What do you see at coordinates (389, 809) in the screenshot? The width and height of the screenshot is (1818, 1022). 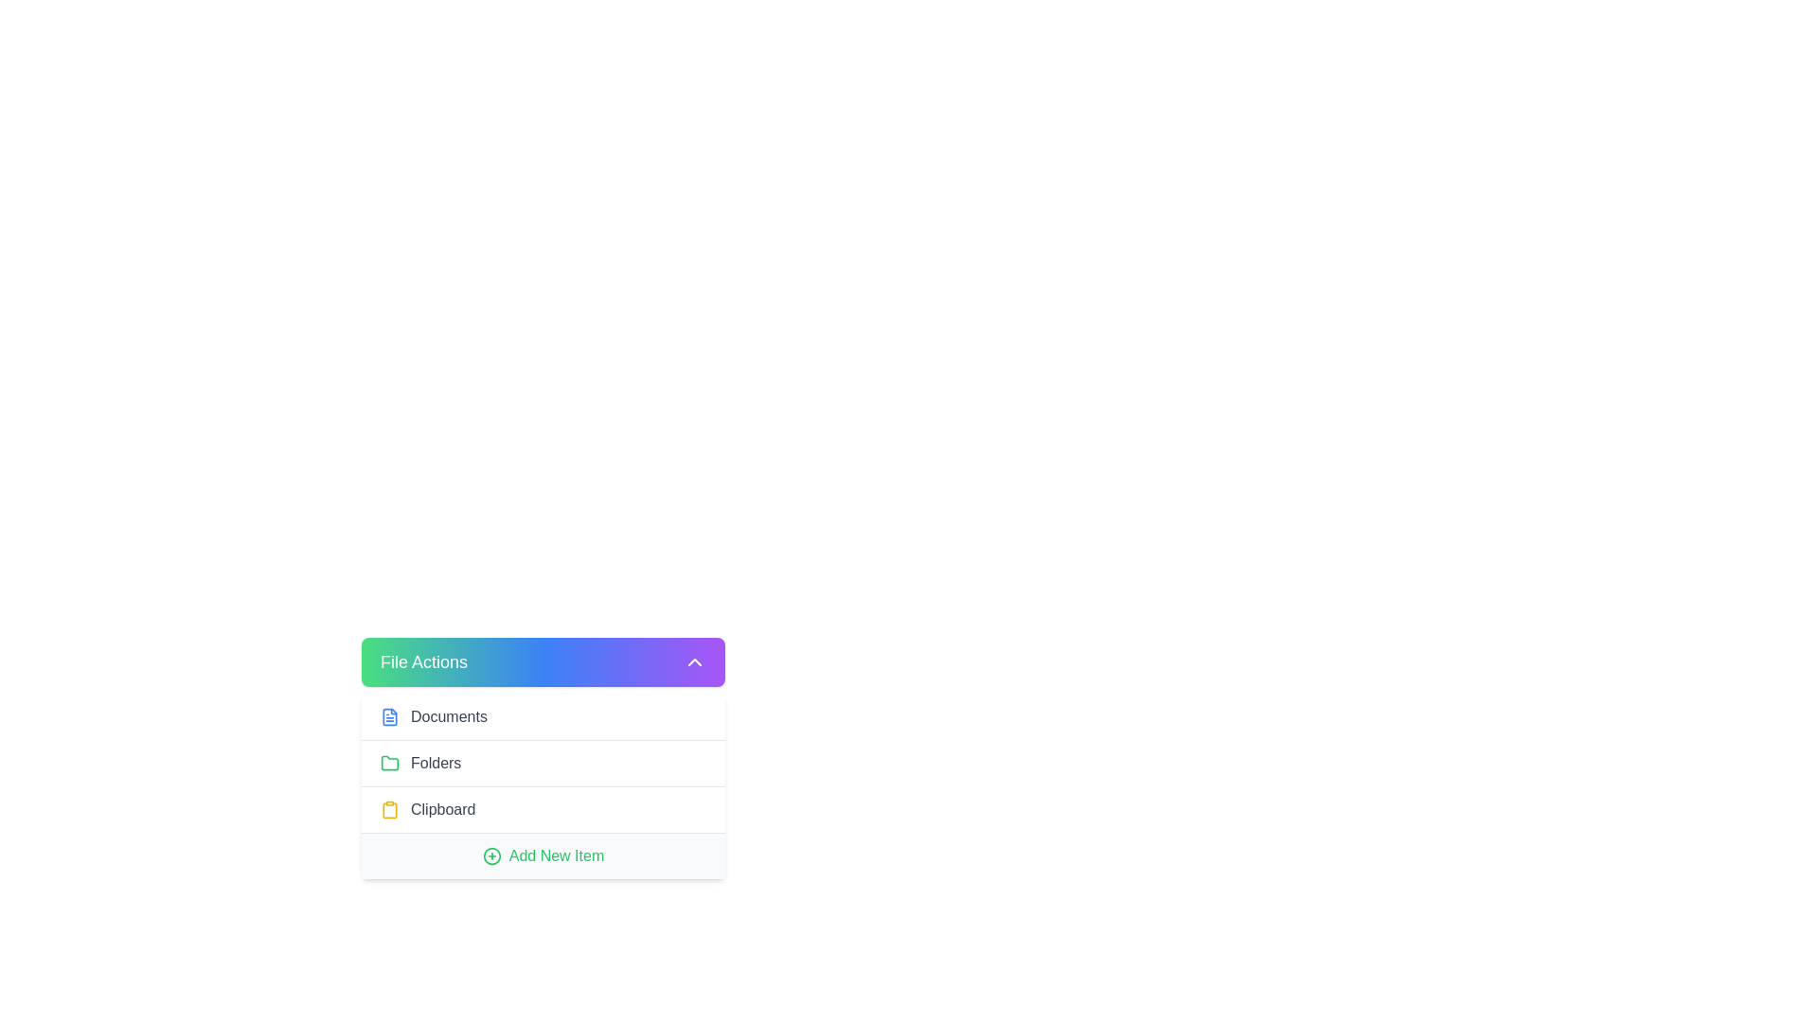 I see `the clipboard icon in the 'File Actions' dropdown menu, which is styled with a yellow outline and positioned next to the 'Clipboard' label` at bounding box center [389, 809].